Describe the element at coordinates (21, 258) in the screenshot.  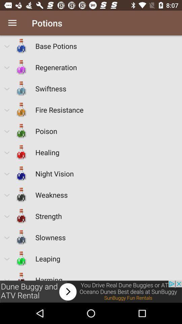
I see `the icon which is left to leaping` at that location.